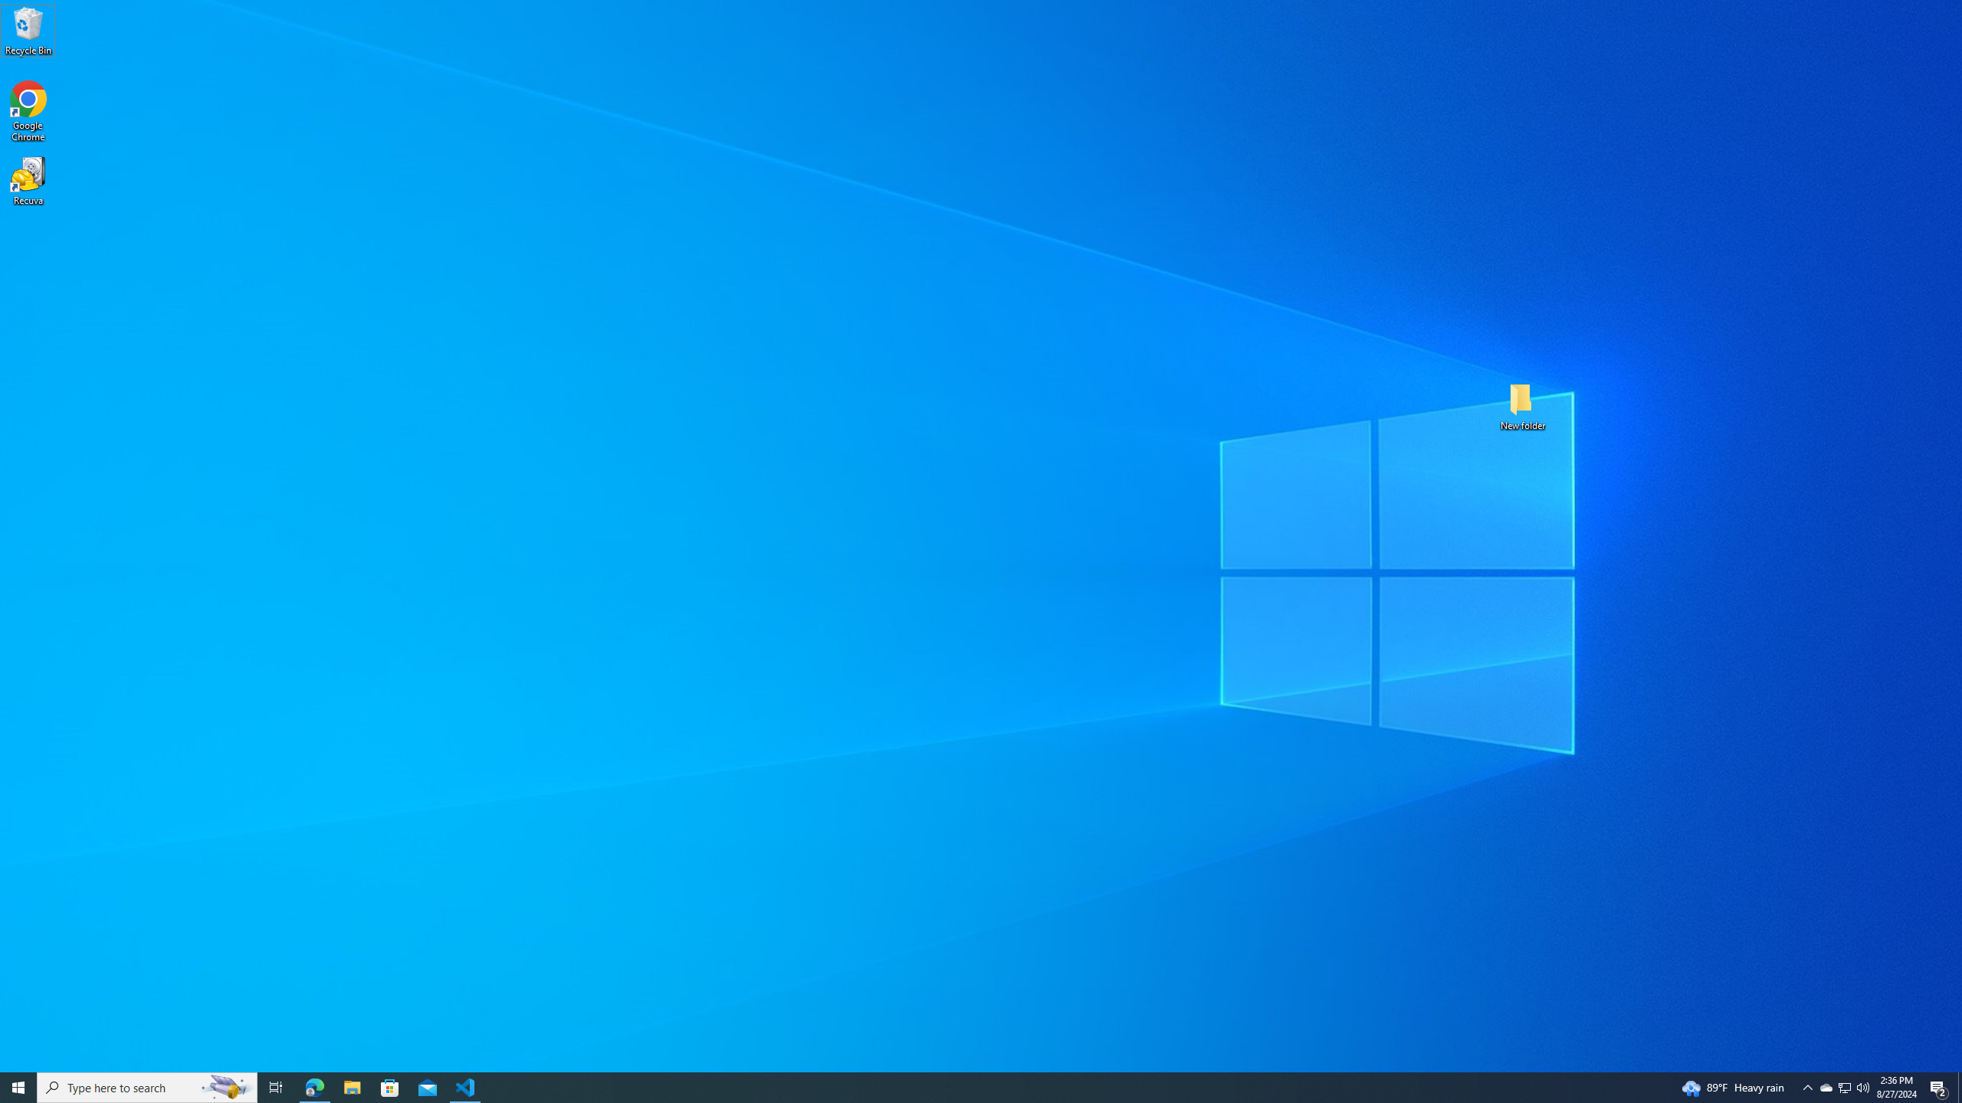 Image resolution: width=1962 pixels, height=1103 pixels. What do you see at coordinates (18, 1086) in the screenshot?
I see `'Start'` at bounding box center [18, 1086].